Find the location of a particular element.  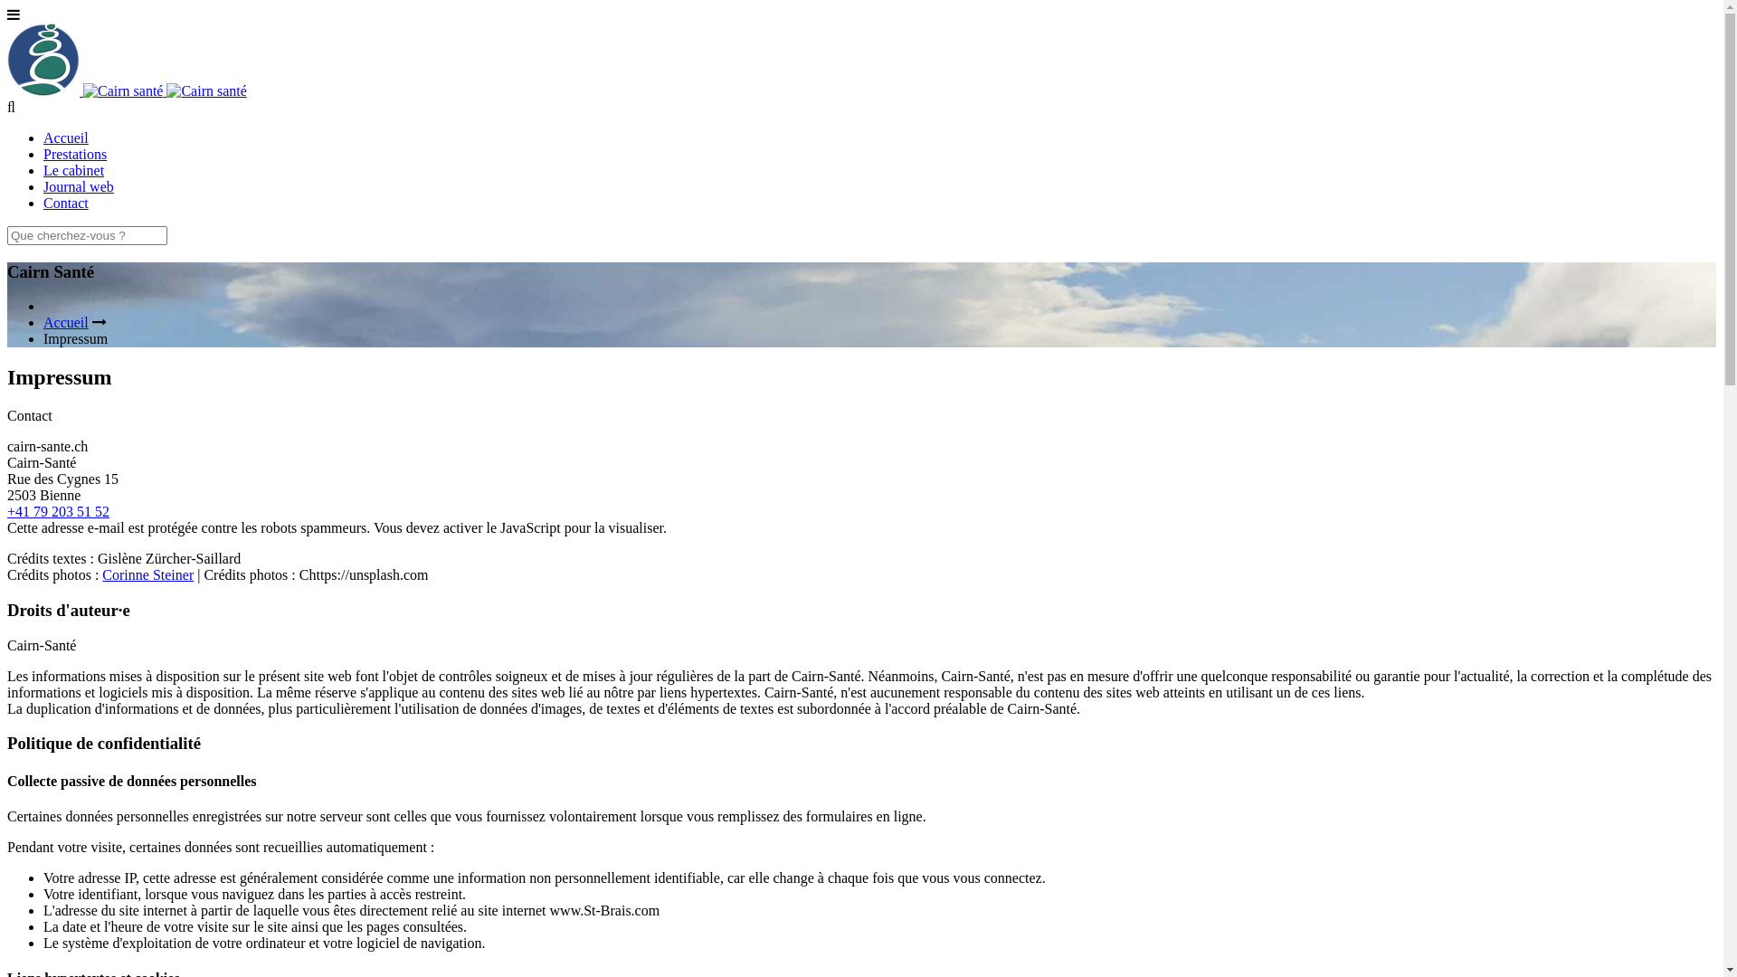

'Le cabinet' is located at coordinates (72, 170).